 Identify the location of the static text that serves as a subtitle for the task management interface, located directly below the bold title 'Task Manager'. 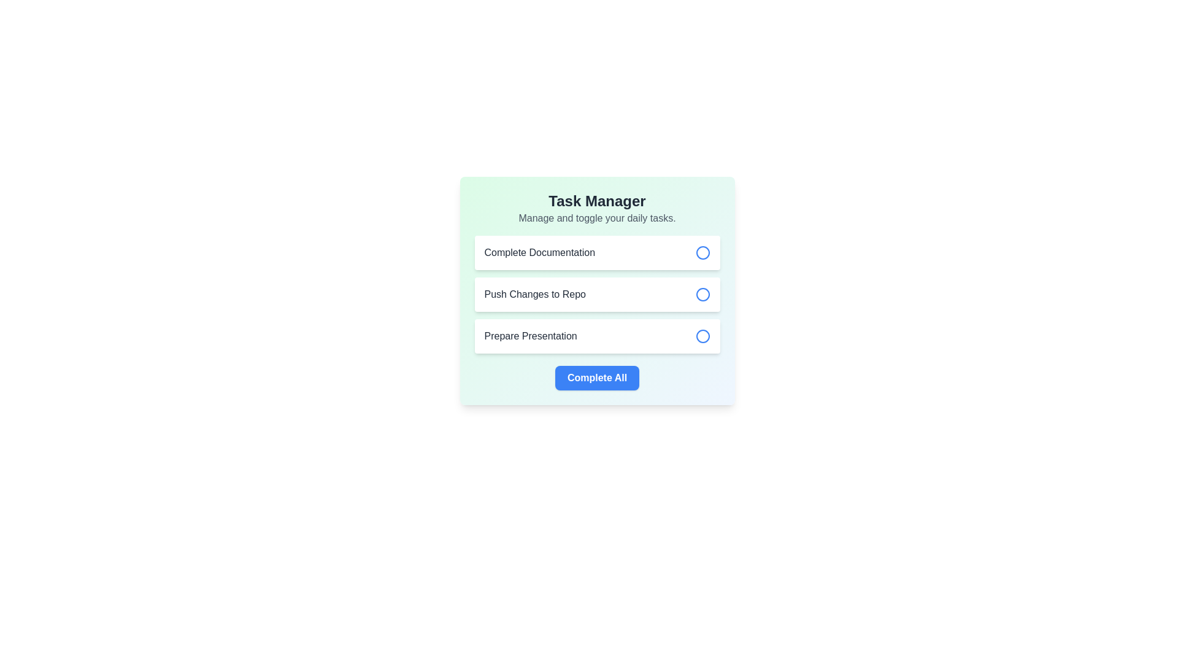
(597, 217).